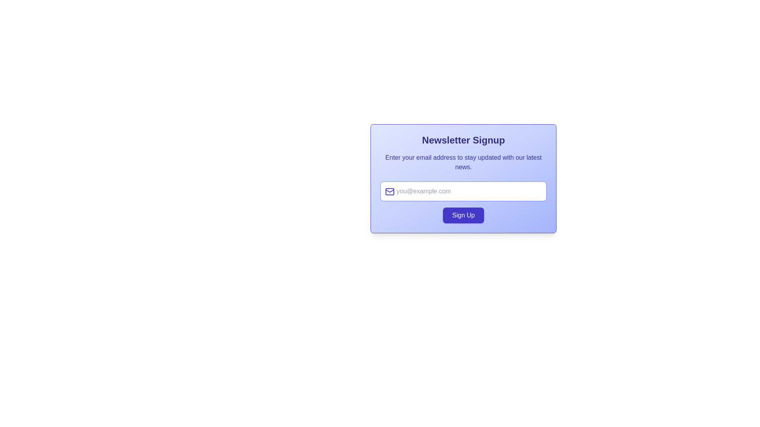 The width and height of the screenshot is (760, 427). Describe the element at coordinates (464, 162) in the screenshot. I see `the informational subtitle text instructing users to provide their email addresses for updates, located within the 'Newsletter Signup' card, directly below the title and above the email input field` at that location.